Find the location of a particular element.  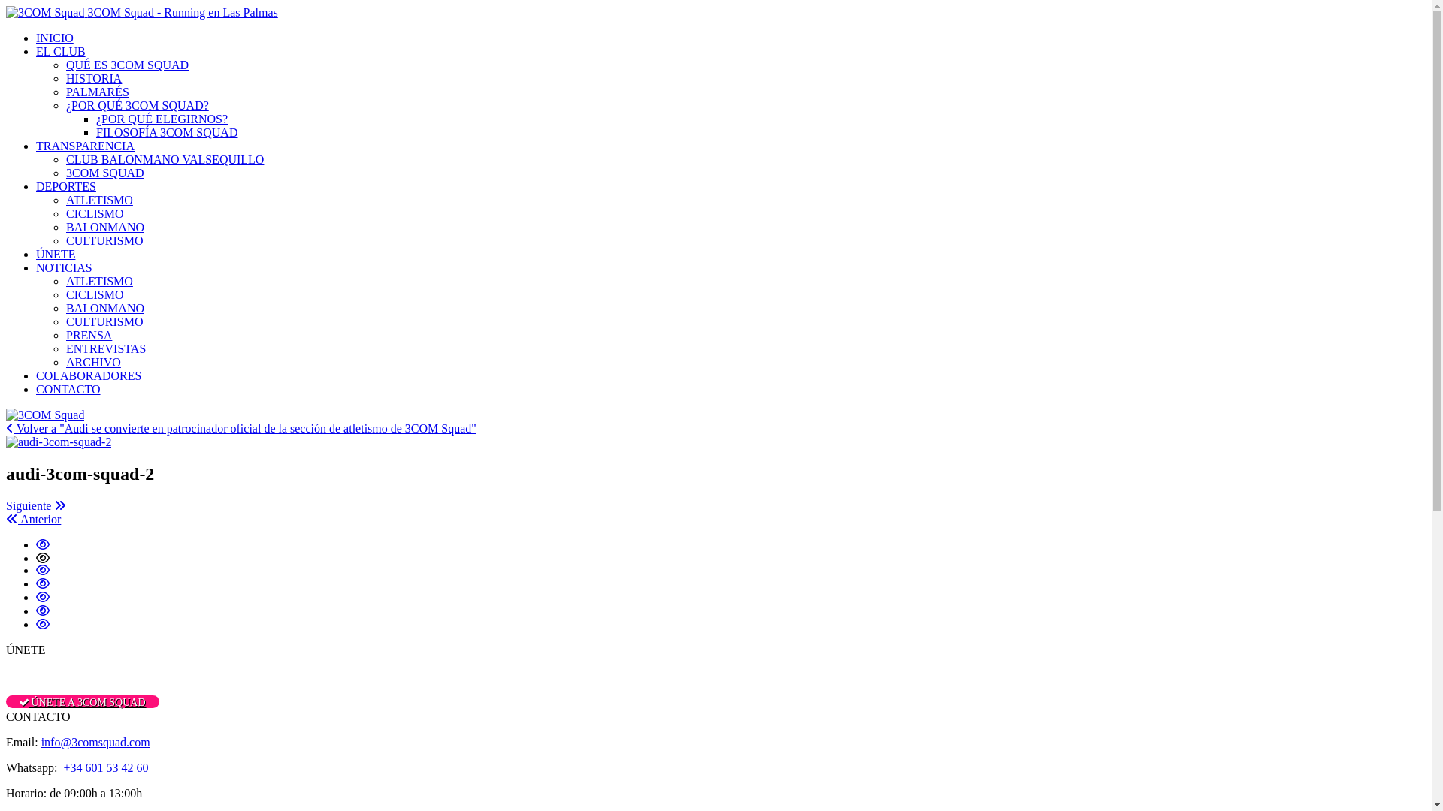

'CONTACTO' is located at coordinates (68, 388).